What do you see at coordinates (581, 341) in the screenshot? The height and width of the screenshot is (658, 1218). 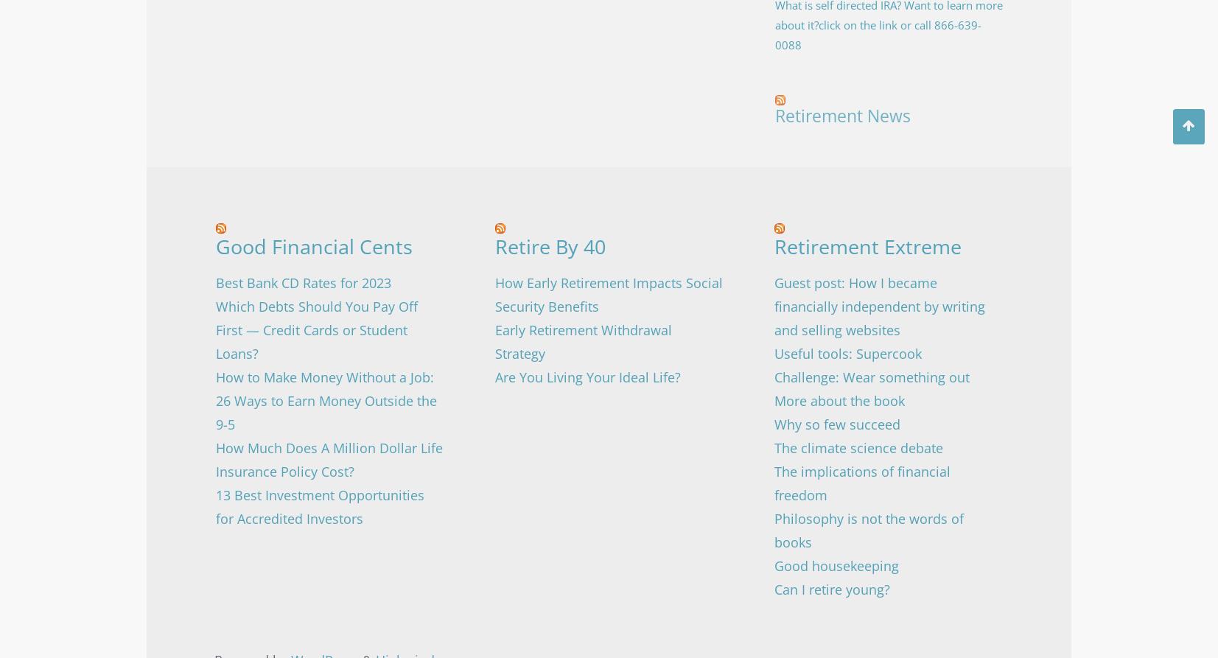 I see `'Early Retirement Withdrawal Strategy'` at bounding box center [581, 341].